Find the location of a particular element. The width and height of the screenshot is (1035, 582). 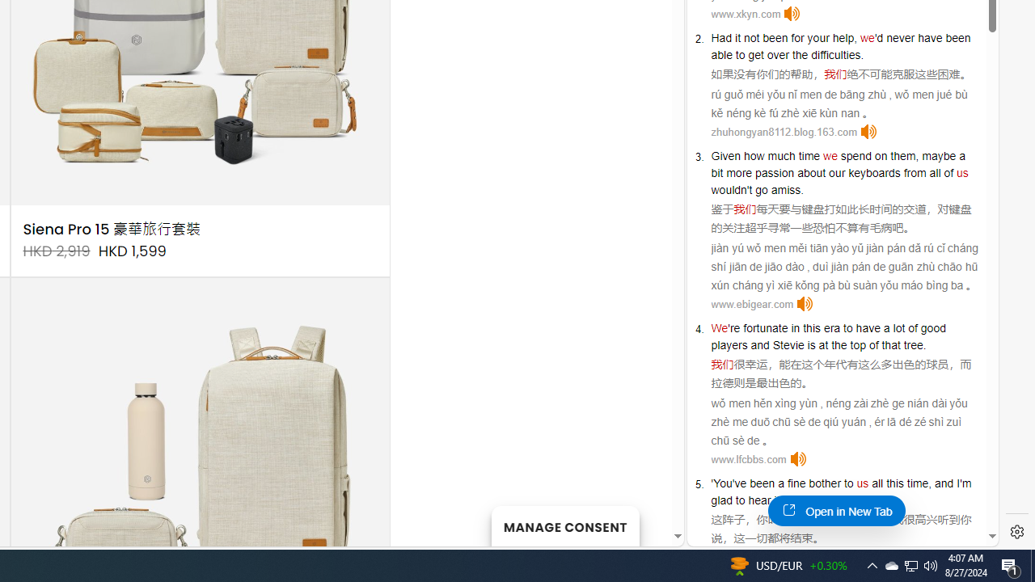

'era' is located at coordinates (831, 327).